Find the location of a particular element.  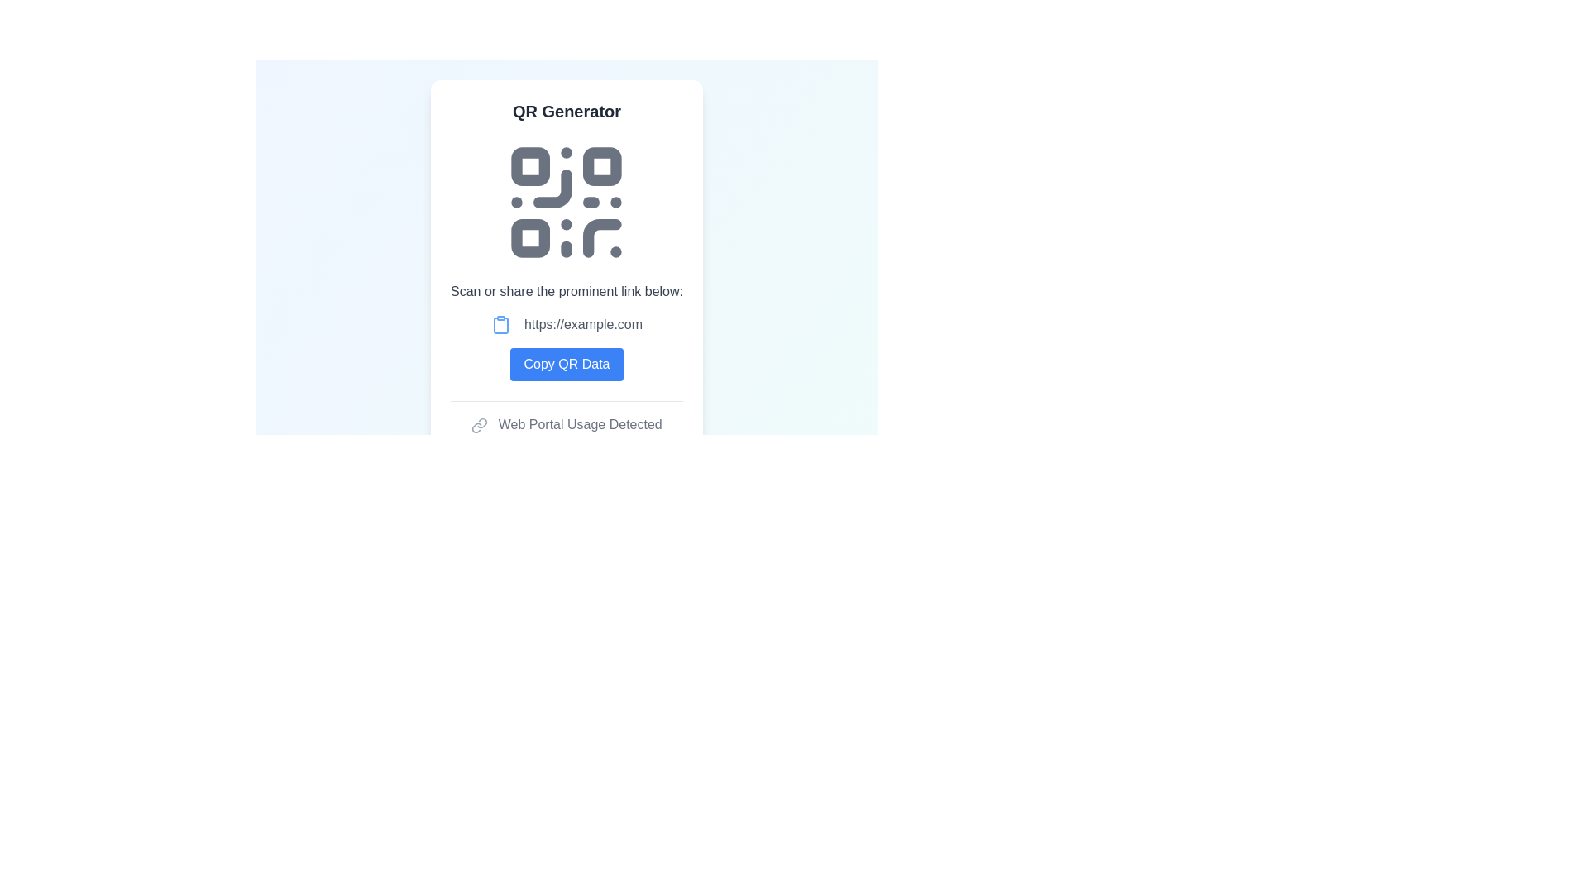

the rectangular blue button with the text 'Copy QR Data' is located at coordinates (567, 363).